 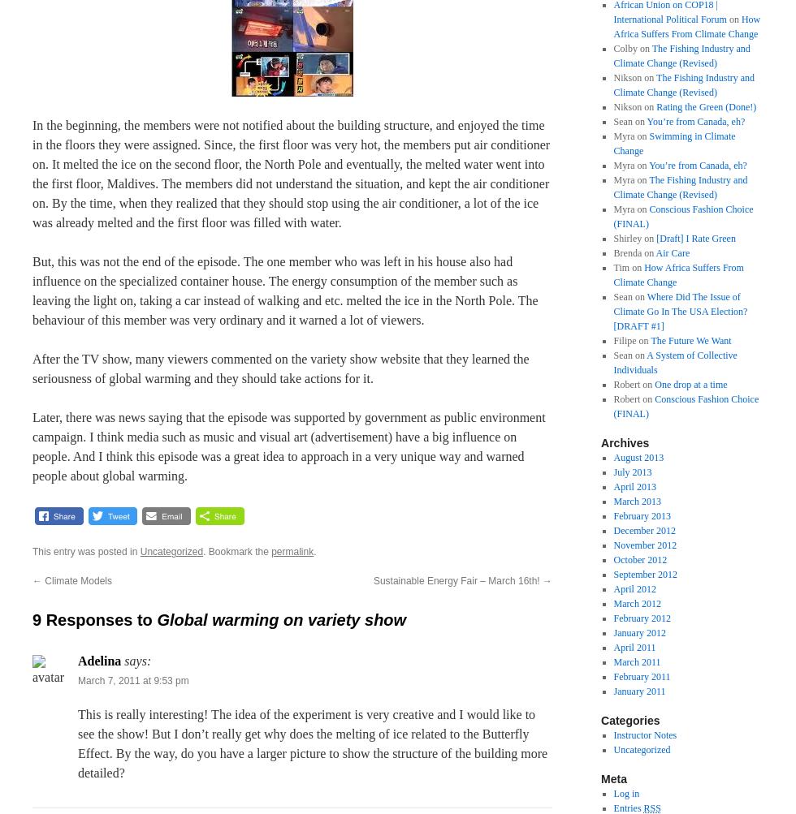 I want to click on 'Archives', so click(x=625, y=442).